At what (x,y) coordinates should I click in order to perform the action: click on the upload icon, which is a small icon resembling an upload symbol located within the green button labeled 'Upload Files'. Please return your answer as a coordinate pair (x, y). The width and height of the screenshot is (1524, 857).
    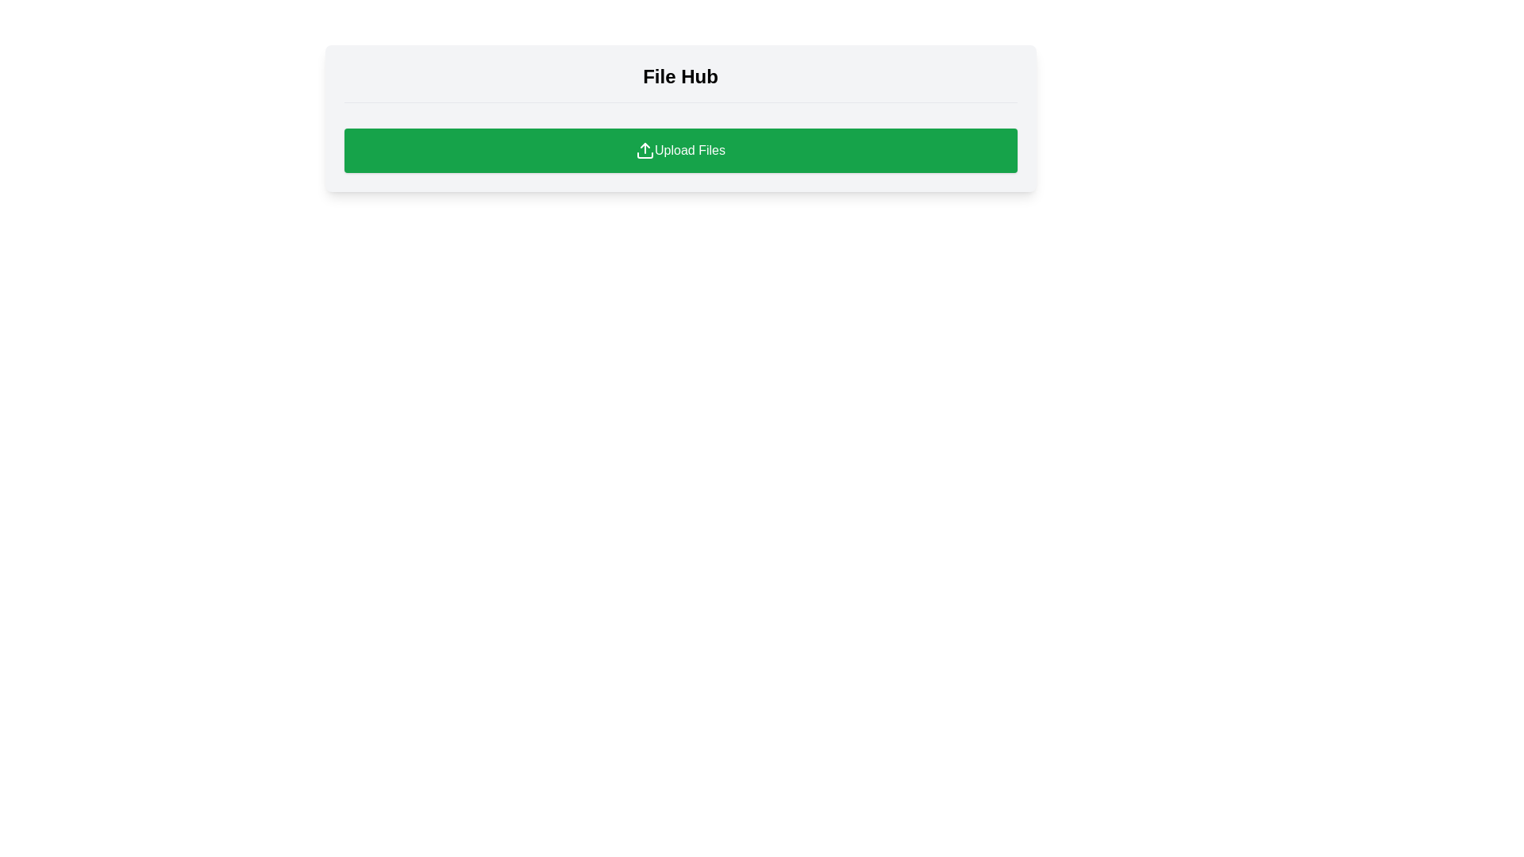
    Looking at the image, I should click on (645, 150).